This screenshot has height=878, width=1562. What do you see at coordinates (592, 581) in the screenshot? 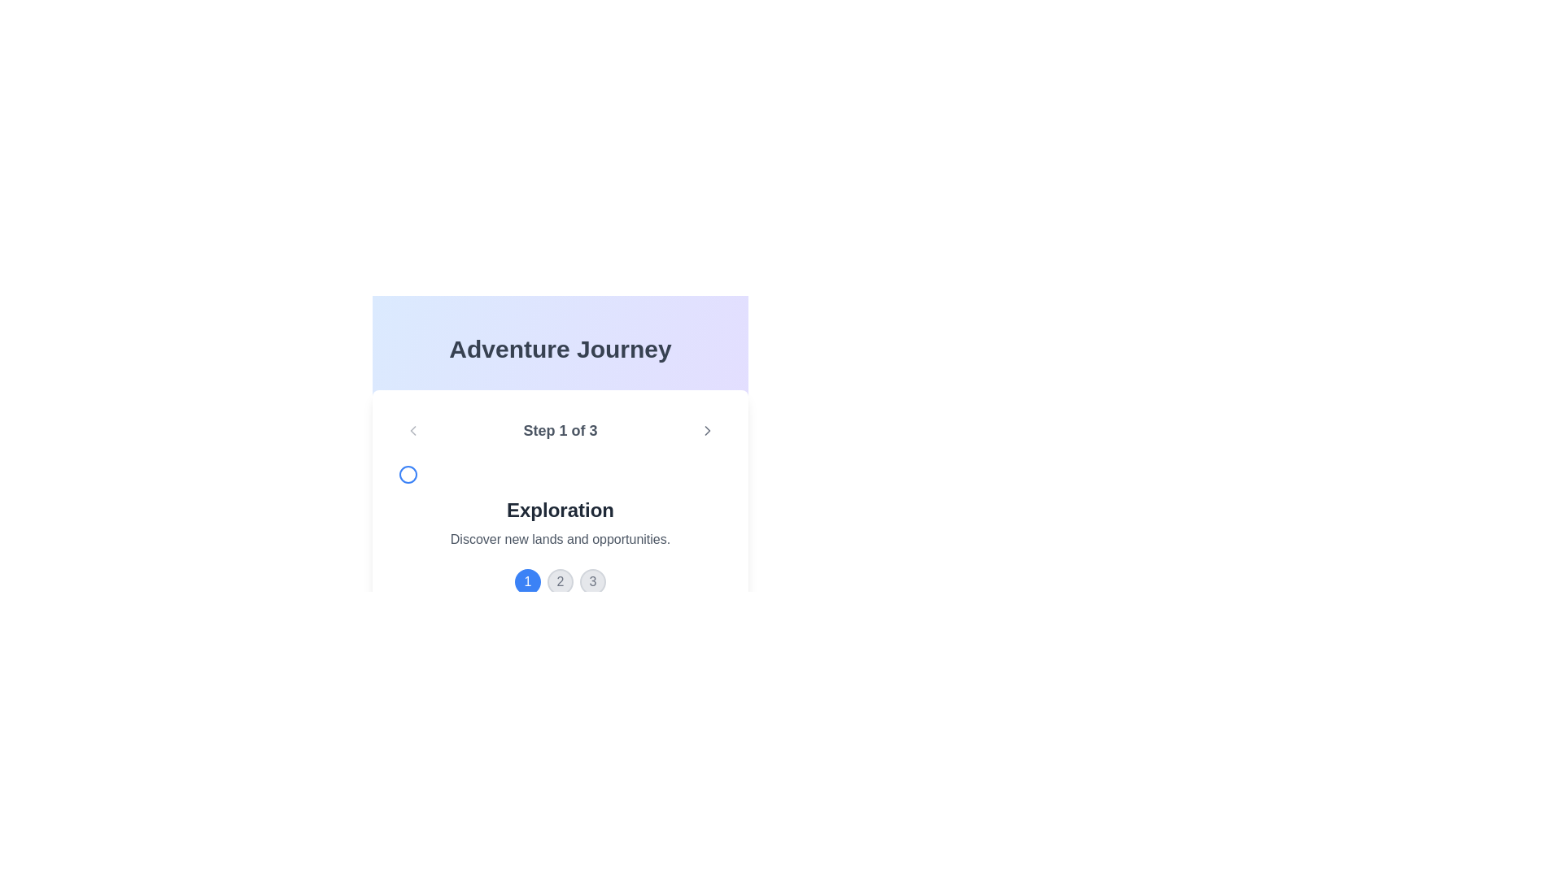
I see `the circular button displaying the number '3' to visualize the hover effects` at bounding box center [592, 581].